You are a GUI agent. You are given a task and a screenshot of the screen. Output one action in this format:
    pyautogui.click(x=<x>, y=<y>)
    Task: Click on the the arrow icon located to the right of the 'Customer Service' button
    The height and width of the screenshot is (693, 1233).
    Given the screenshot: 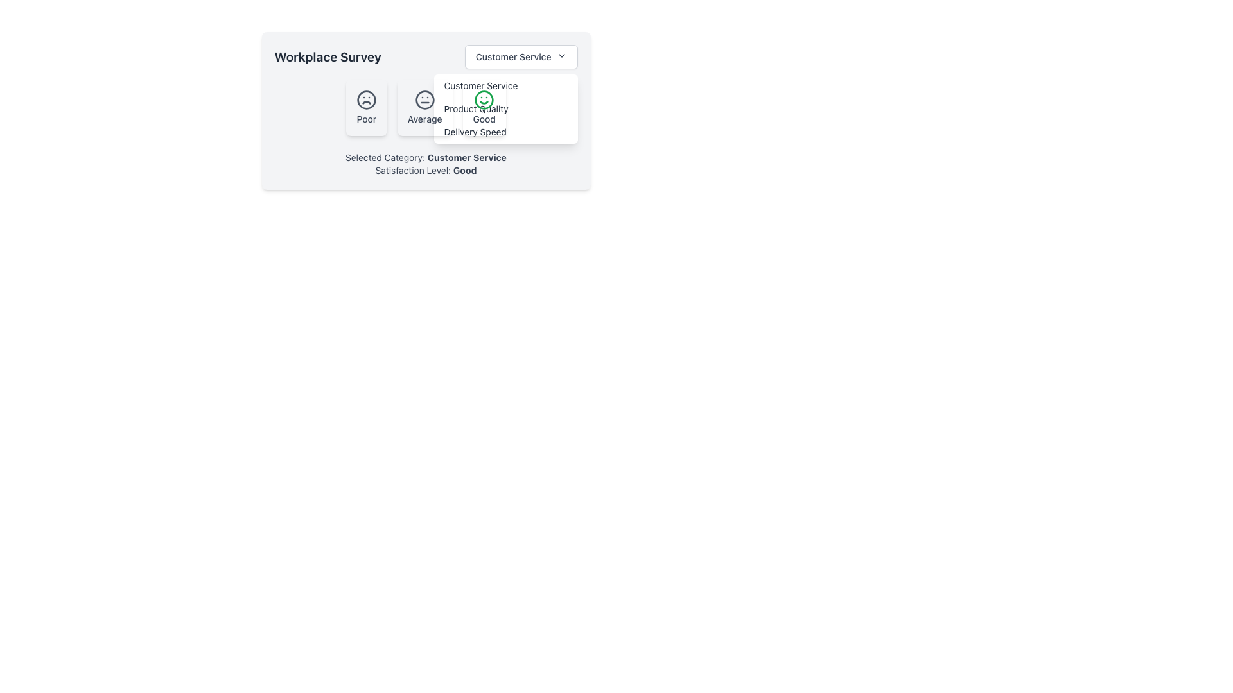 What is the action you would take?
    pyautogui.click(x=561, y=55)
    